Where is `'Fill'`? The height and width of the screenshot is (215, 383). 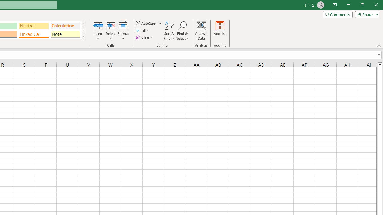 'Fill' is located at coordinates (143, 30).